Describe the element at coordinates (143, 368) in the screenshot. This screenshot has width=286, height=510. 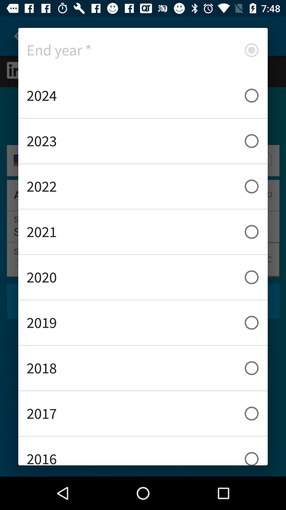
I see `2018 icon` at that location.